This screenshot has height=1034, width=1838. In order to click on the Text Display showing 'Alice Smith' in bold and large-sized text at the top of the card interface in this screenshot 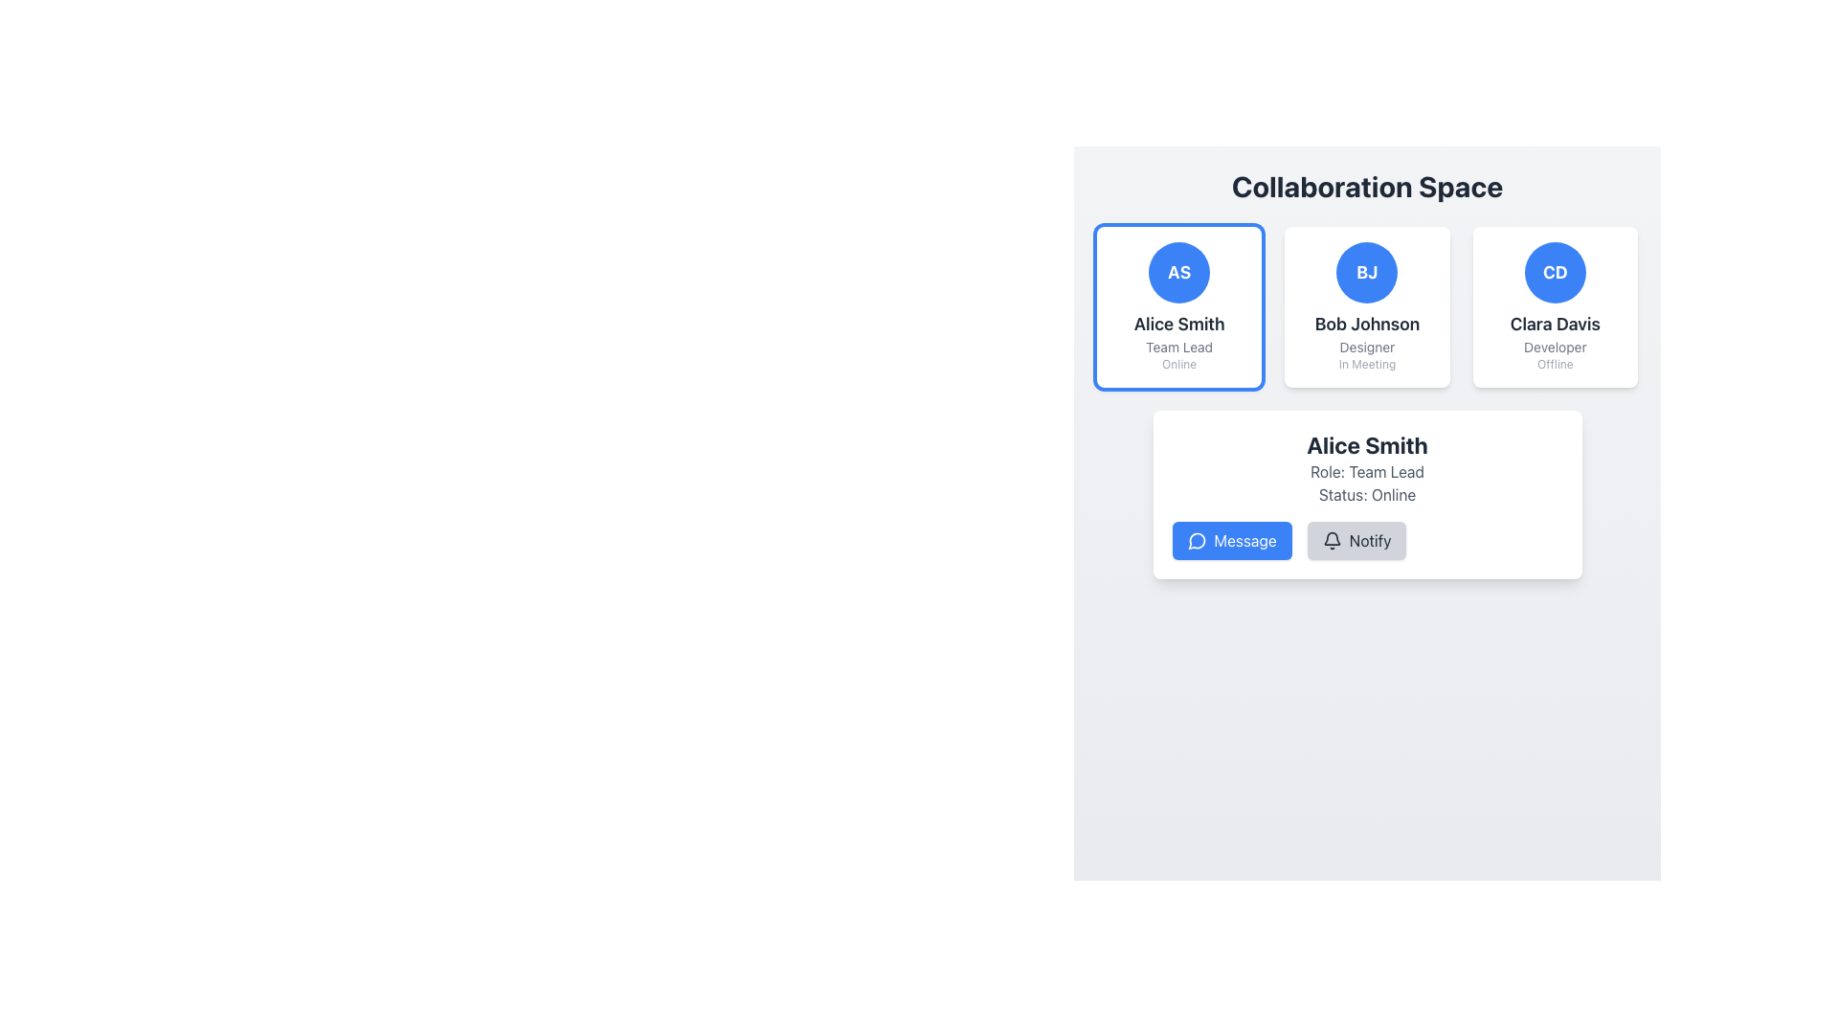, I will do `click(1366, 445)`.